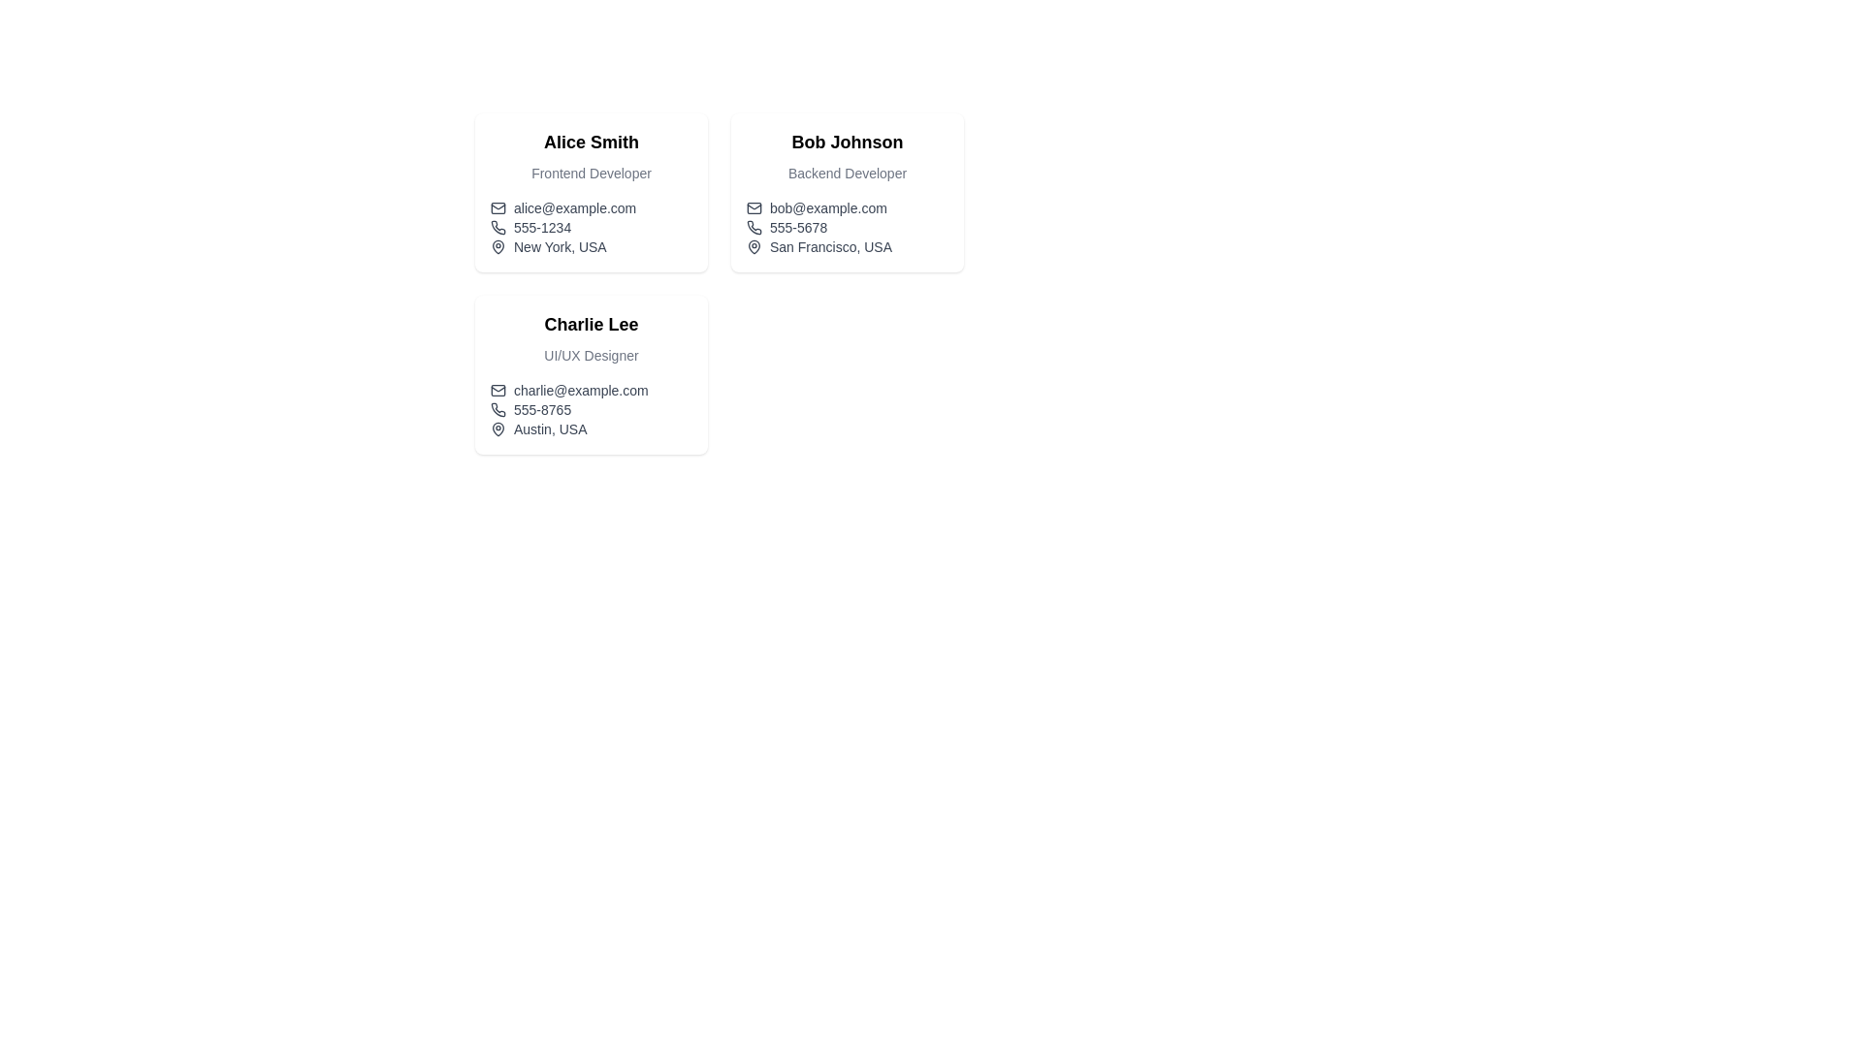  Describe the element at coordinates (498, 208) in the screenshot. I see `the email icon located at the leftmost side of the row containing 'alice@example.com' for Alice Smith` at that location.